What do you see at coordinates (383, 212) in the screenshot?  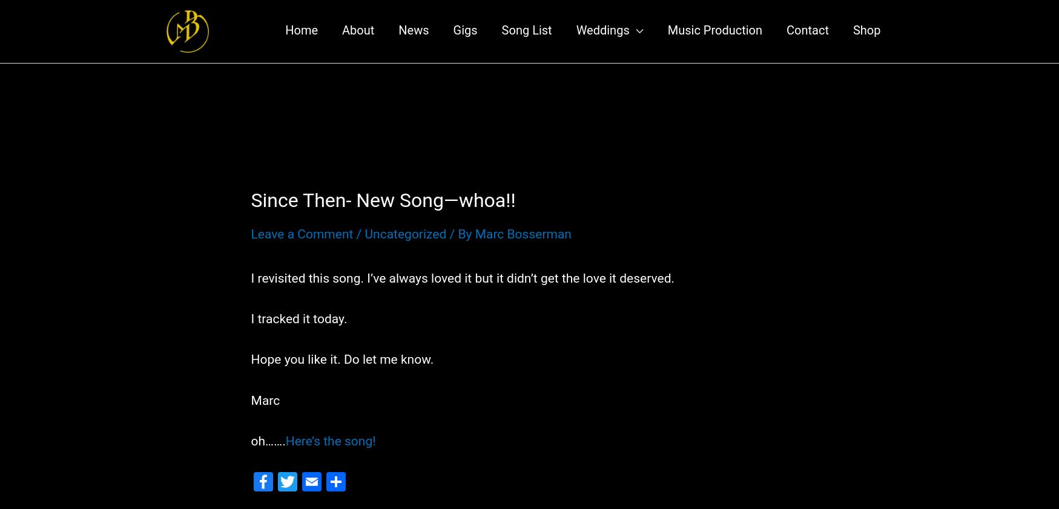 I see `'Since Then- New Song—whoa!!'` at bounding box center [383, 212].